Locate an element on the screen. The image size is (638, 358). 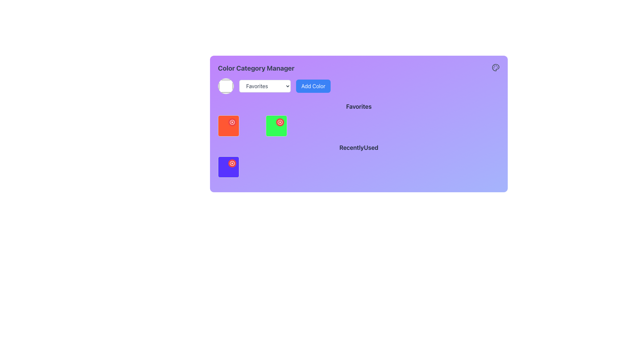
the color palette icon located in the top-right corner of the 'Color Category Manager' panel is located at coordinates (496, 68).